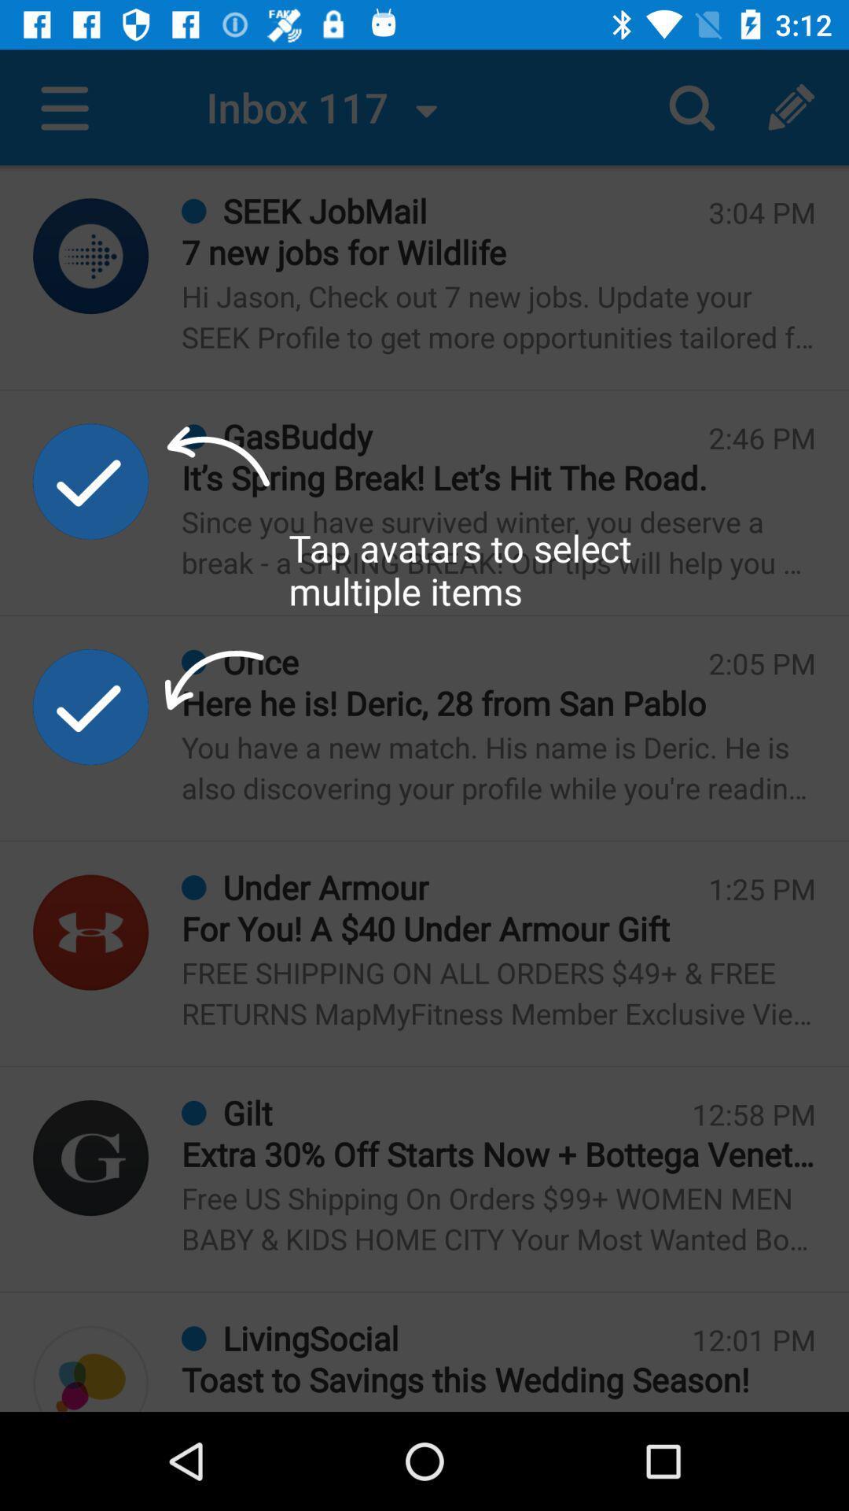  I want to click on item, so click(90, 706).